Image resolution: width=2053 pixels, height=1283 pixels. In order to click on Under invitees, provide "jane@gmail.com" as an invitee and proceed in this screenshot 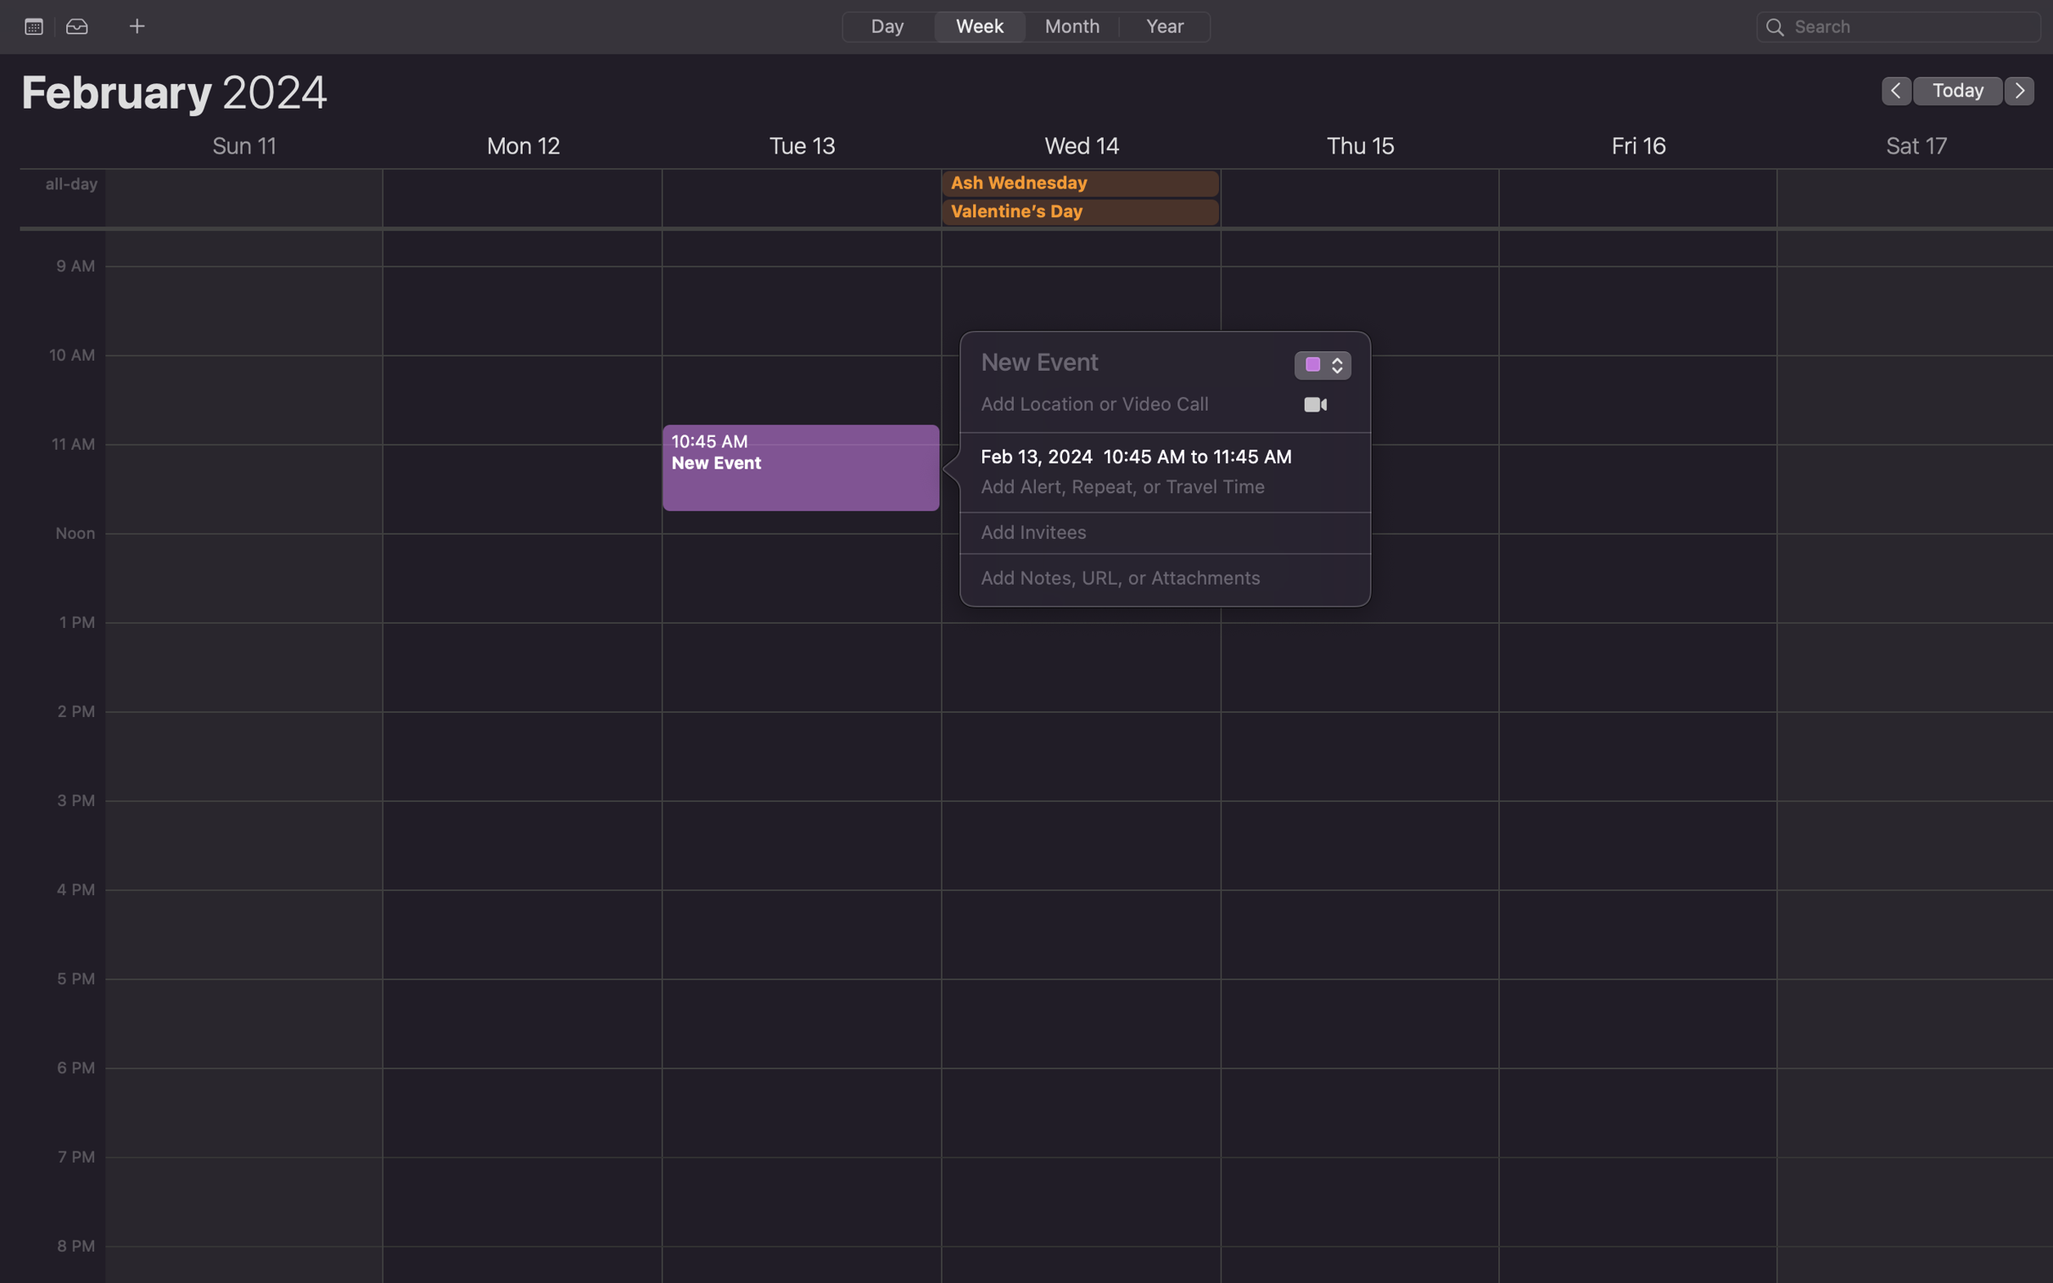, I will do `click(1146, 533)`.